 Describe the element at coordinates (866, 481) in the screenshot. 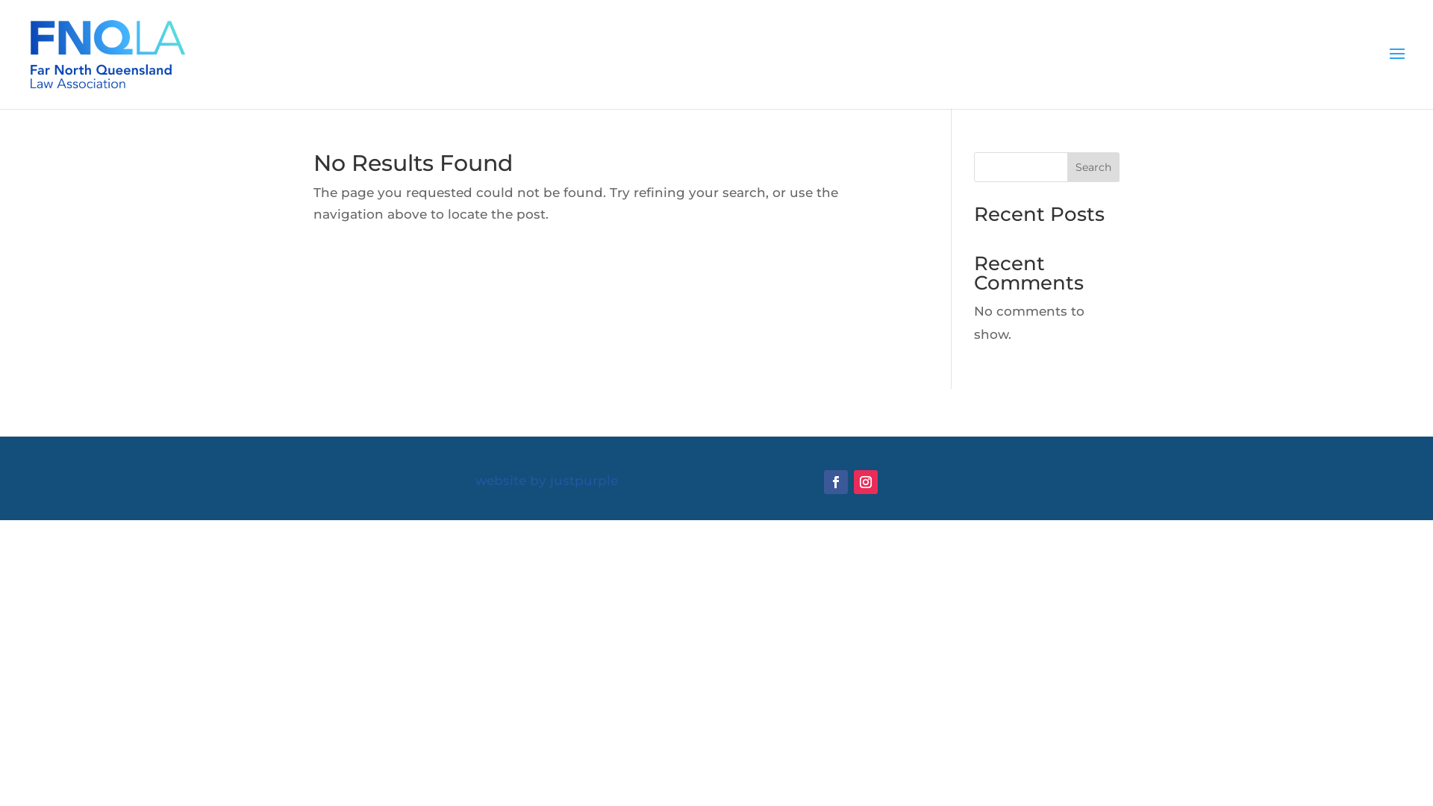

I see `'Follow on Instagram'` at that location.